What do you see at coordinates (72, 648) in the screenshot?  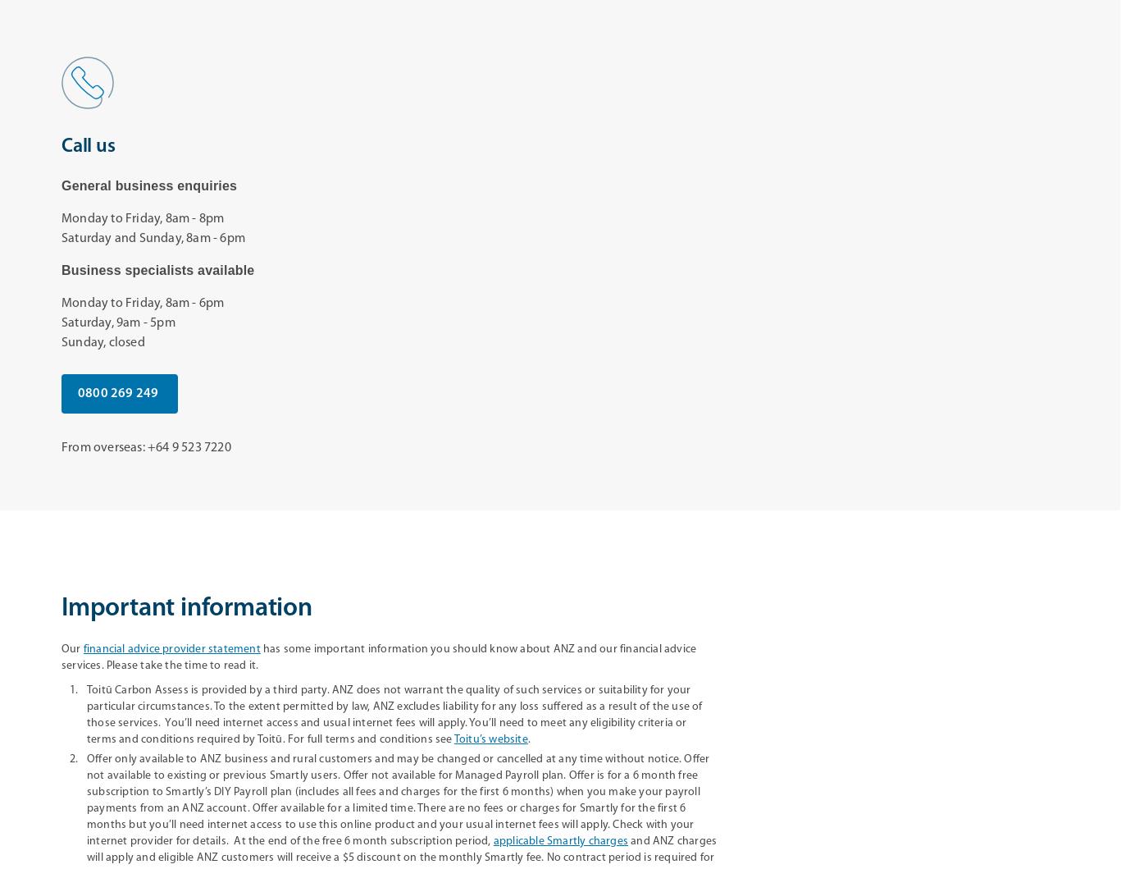 I see `'Our'` at bounding box center [72, 648].